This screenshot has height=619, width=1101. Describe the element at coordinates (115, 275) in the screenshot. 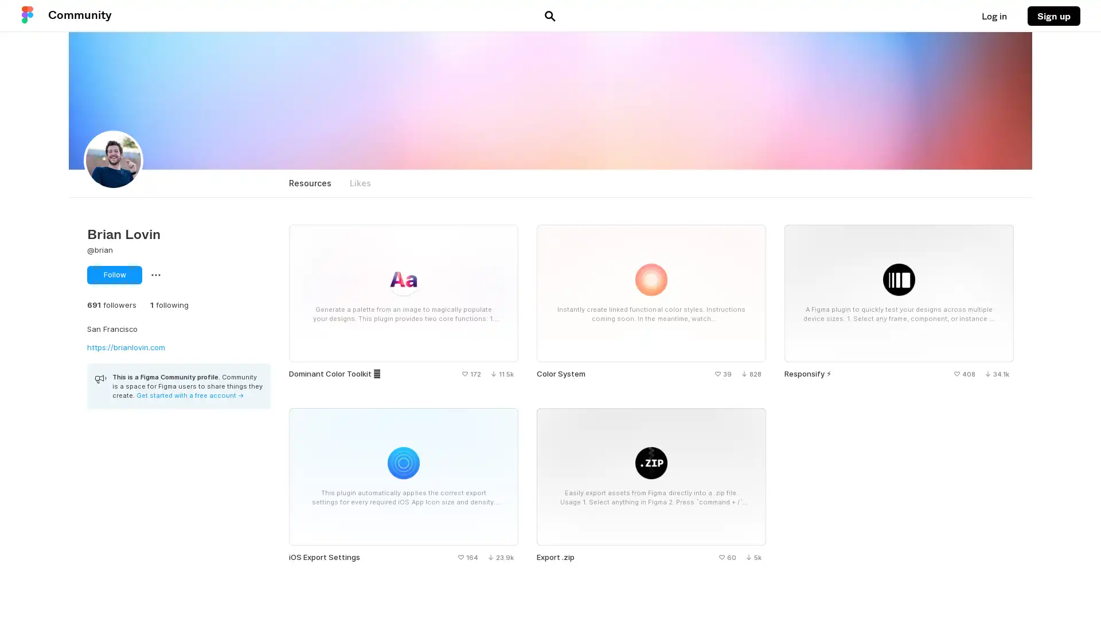

I see `Follow` at that location.